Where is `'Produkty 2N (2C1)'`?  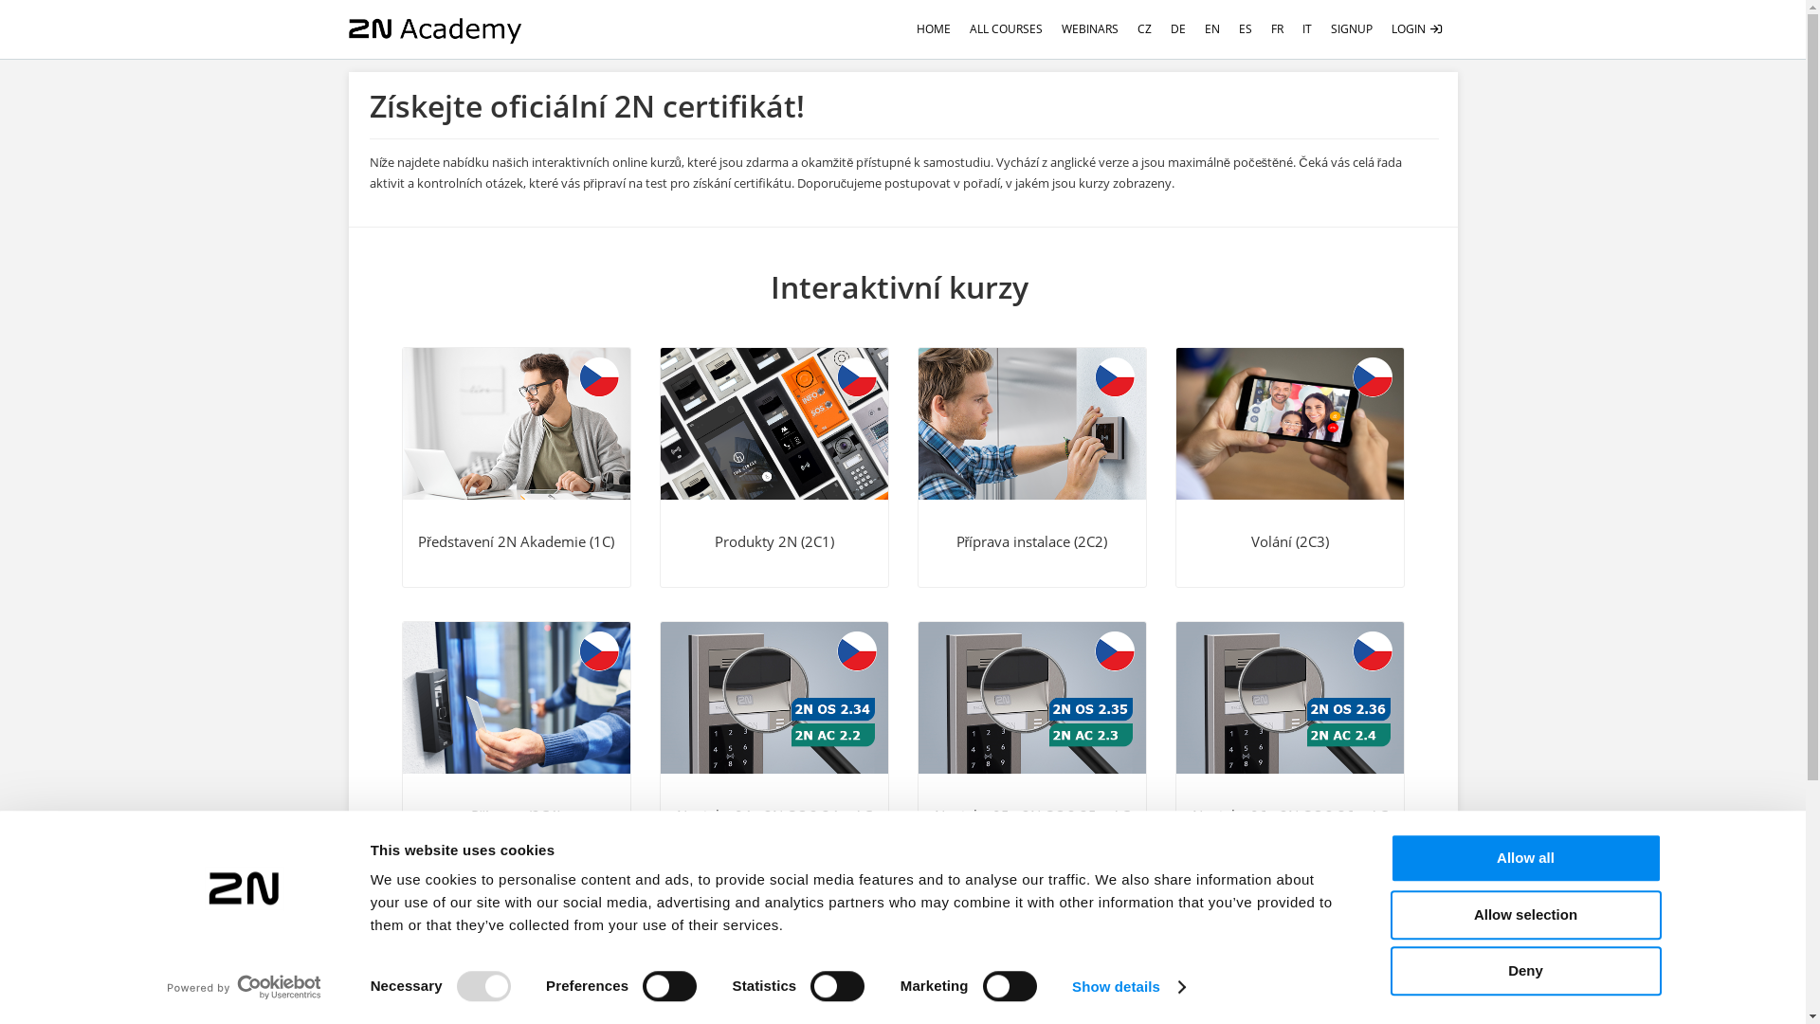 'Produkty 2N (2C1)' is located at coordinates (773, 467).